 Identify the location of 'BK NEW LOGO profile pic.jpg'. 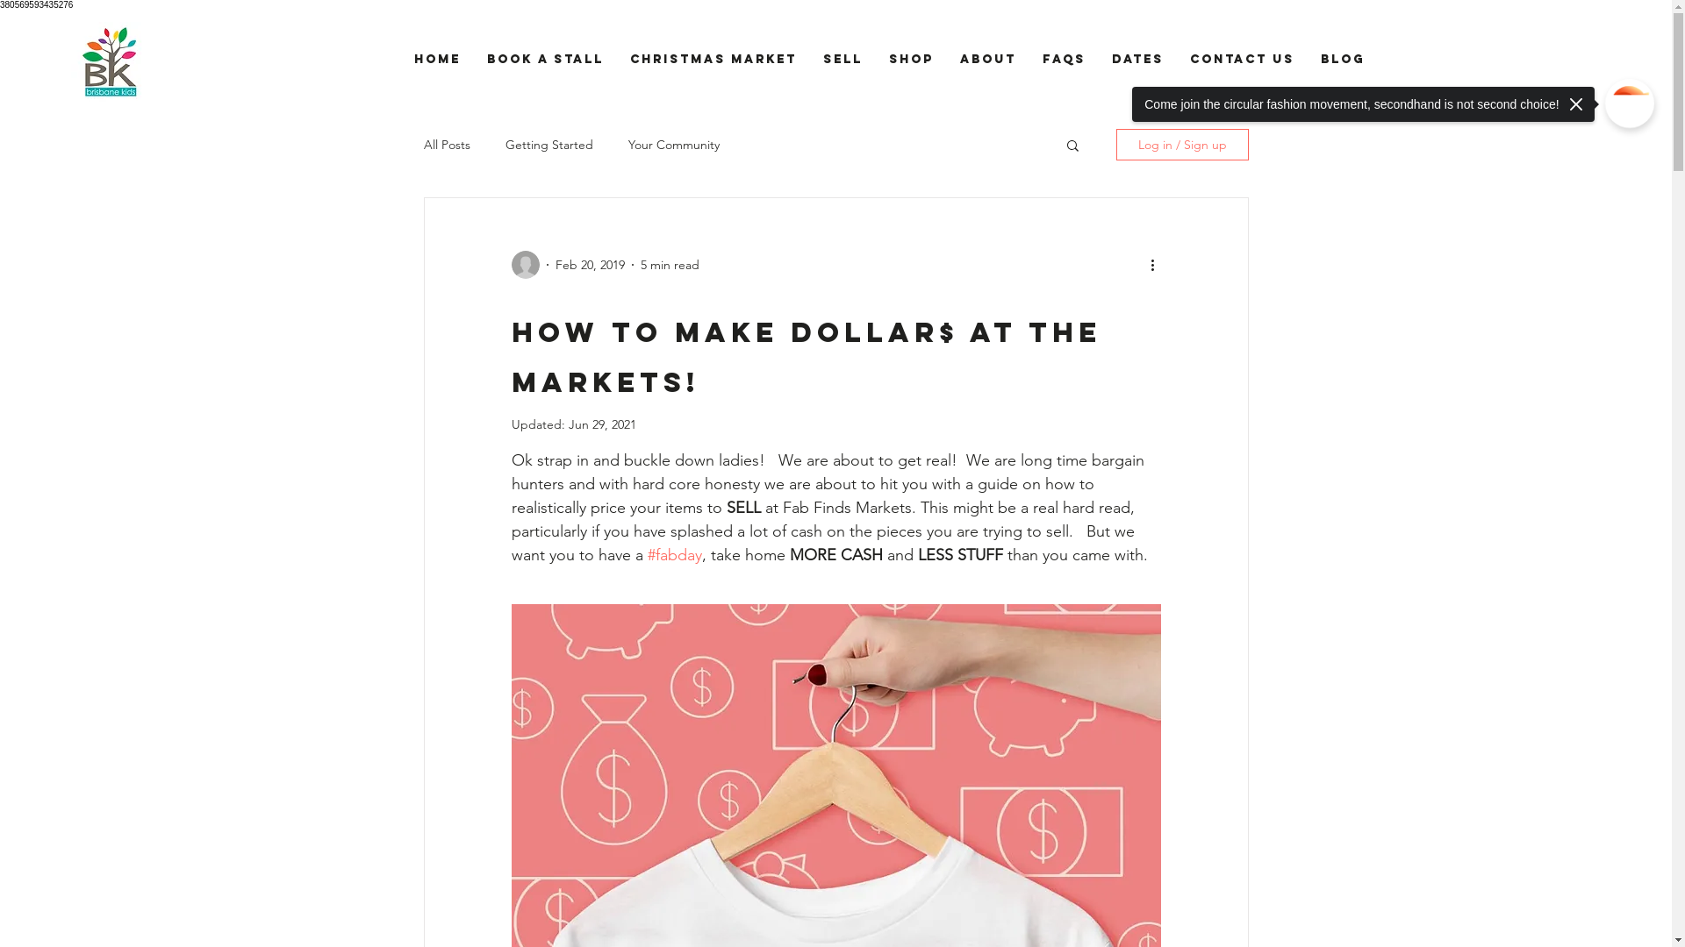
(109, 61).